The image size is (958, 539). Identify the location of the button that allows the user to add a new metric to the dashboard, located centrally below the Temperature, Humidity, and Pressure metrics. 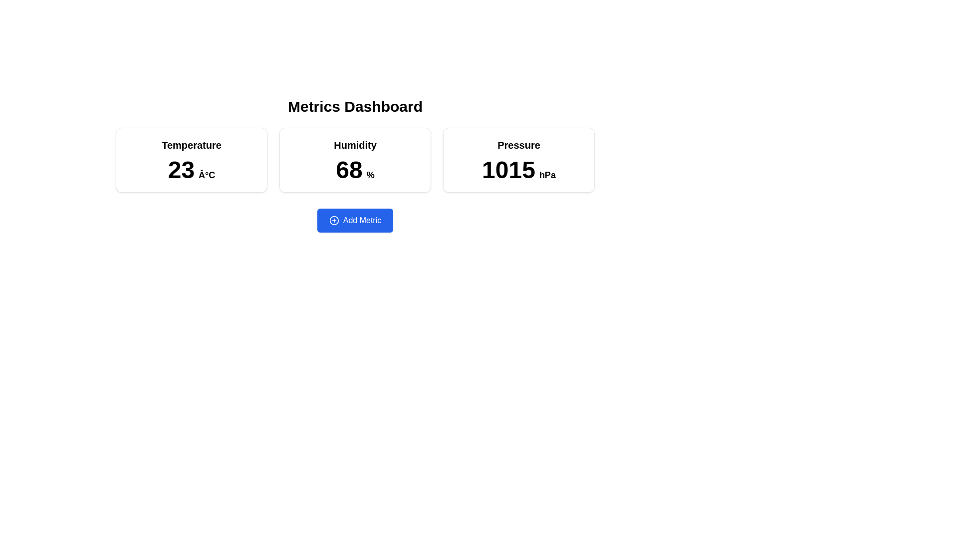
(355, 220).